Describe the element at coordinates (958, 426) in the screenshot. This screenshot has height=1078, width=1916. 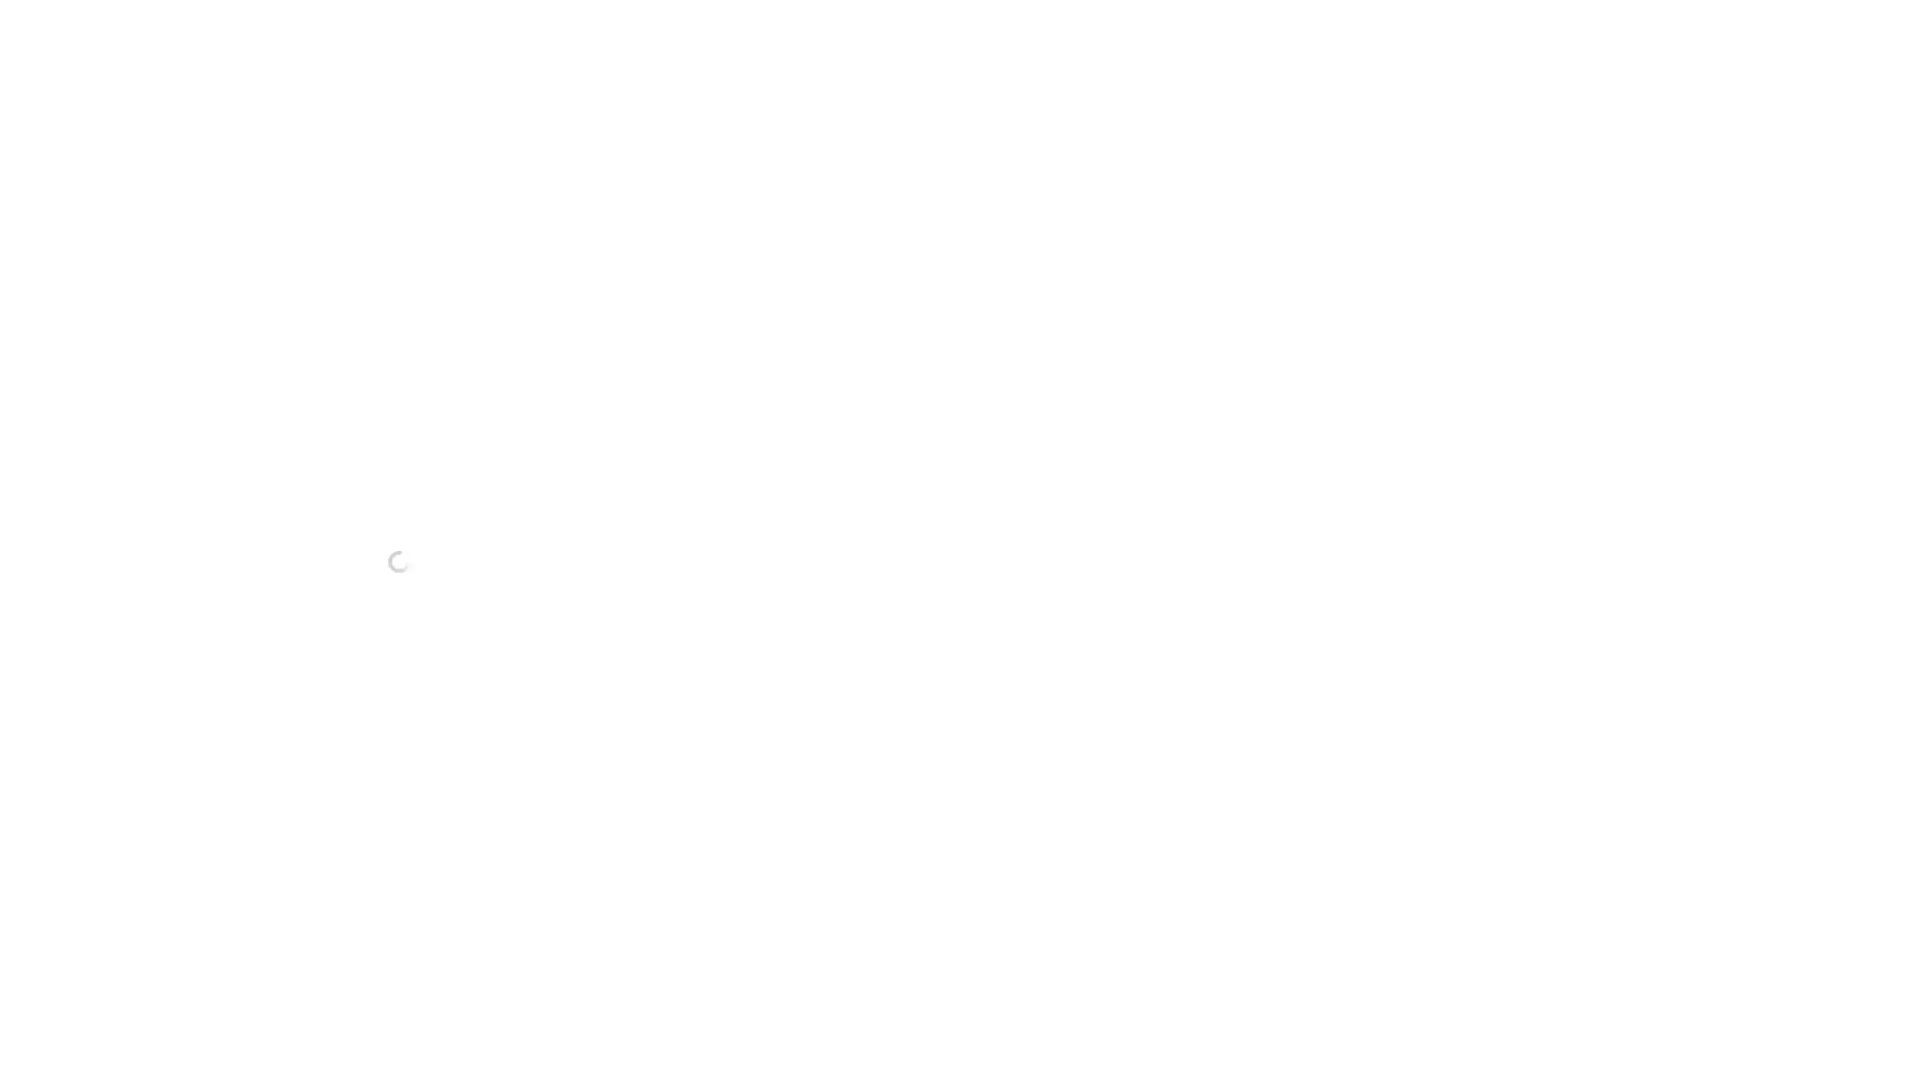
I see `Step 4: Establish Options Pool` at that location.